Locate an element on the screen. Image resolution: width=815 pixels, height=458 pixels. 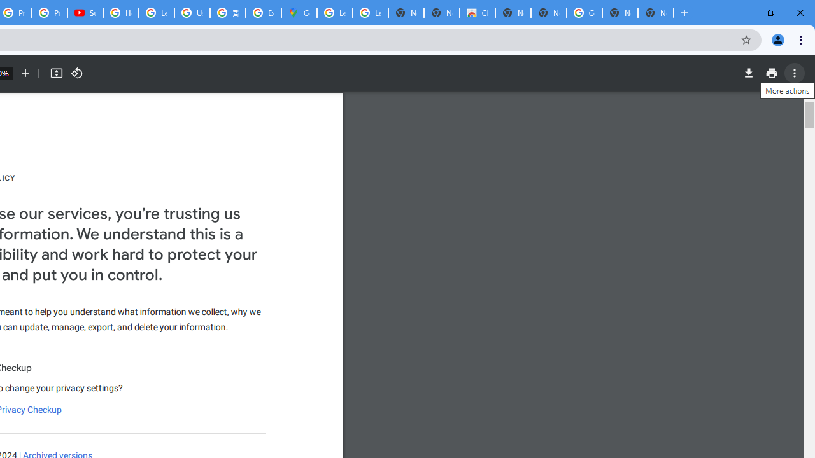
'Rotate counterclockwise' is located at coordinates (76, 73).